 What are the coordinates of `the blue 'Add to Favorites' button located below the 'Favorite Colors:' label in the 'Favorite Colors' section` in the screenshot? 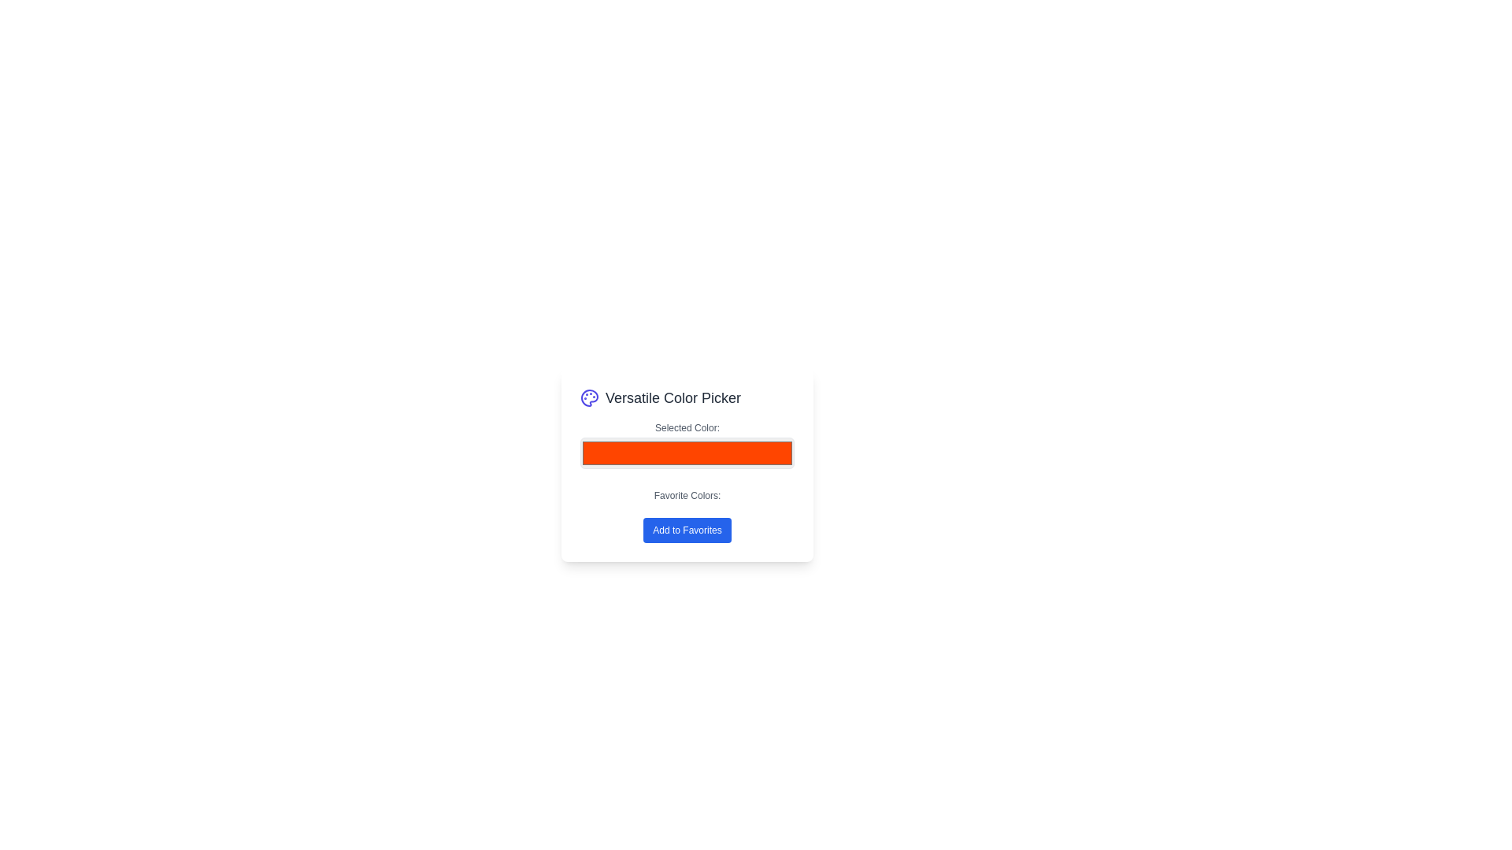 It's located at (687, 516).